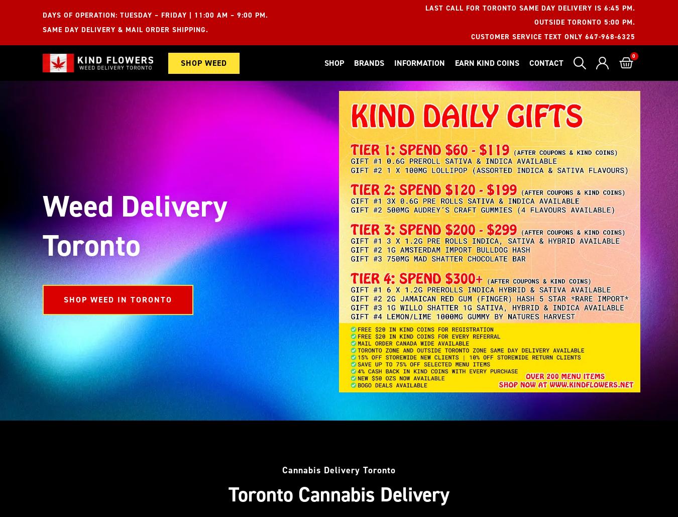 The height and width of the screenshot is (517, 678). Describe the element at coordinates (125, 29) in the screenshot. I see `'SAME DAY DELIVERY & MAIL ORDER SHIPPING.'` at that location.